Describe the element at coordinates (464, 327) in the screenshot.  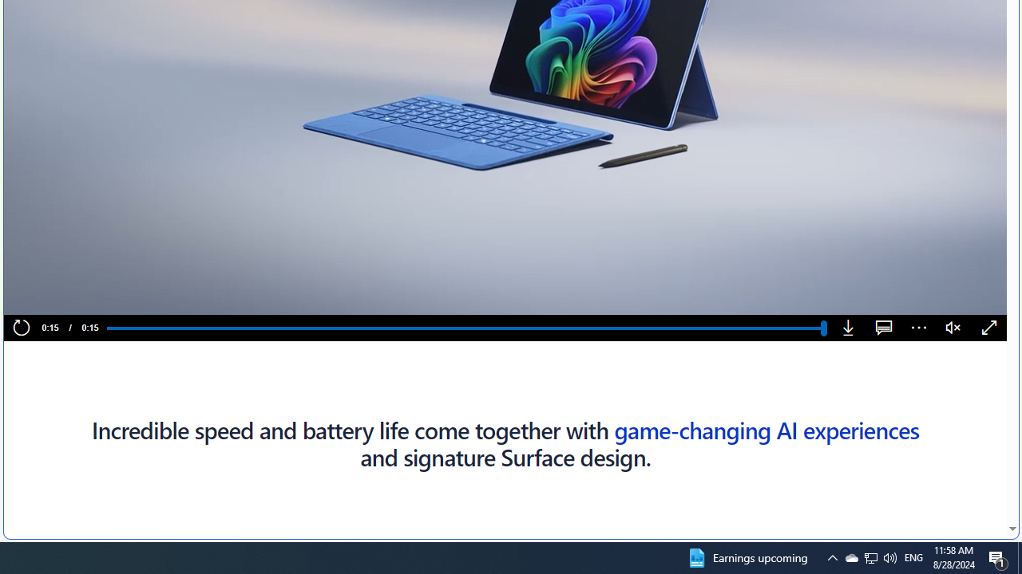
I see `'Progress Bar'` at that location.